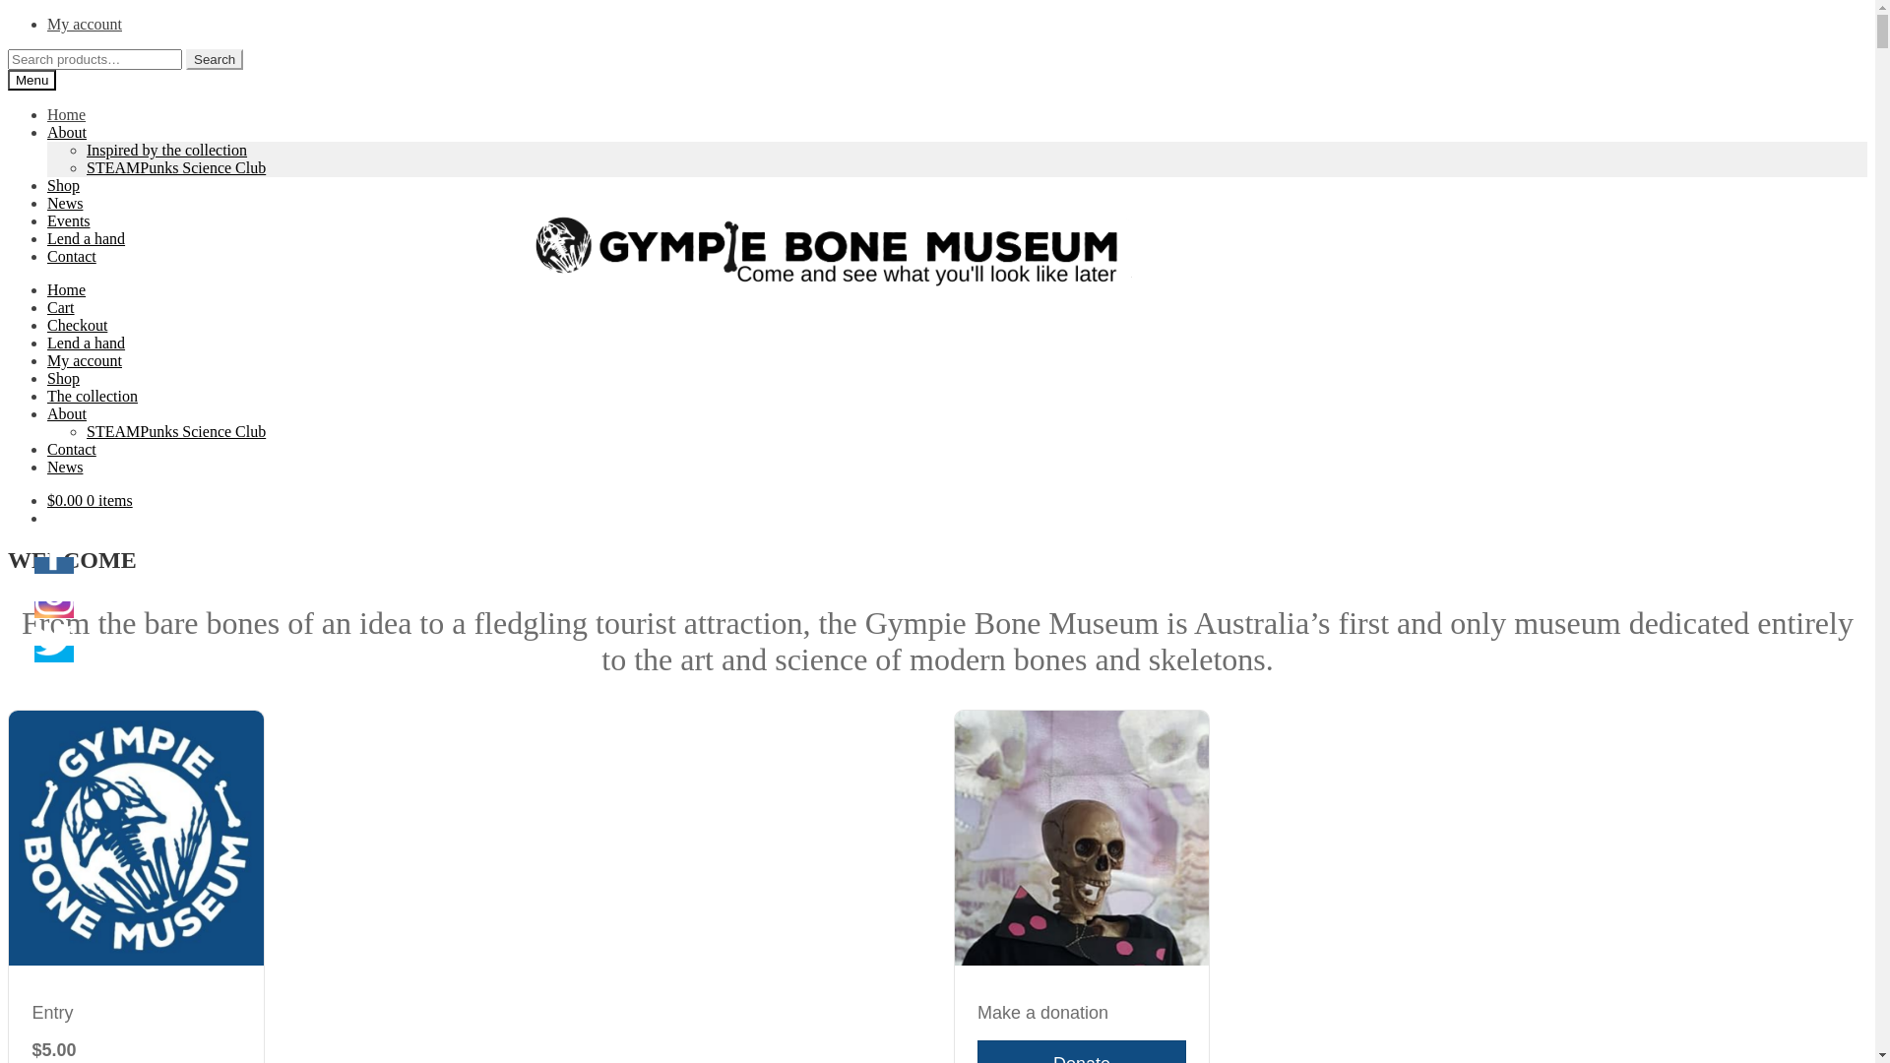 The image size is (1890, 1063). Describe the element at coordinates (77, 324) in the screenshot. I see `'Checkout'` at that location.